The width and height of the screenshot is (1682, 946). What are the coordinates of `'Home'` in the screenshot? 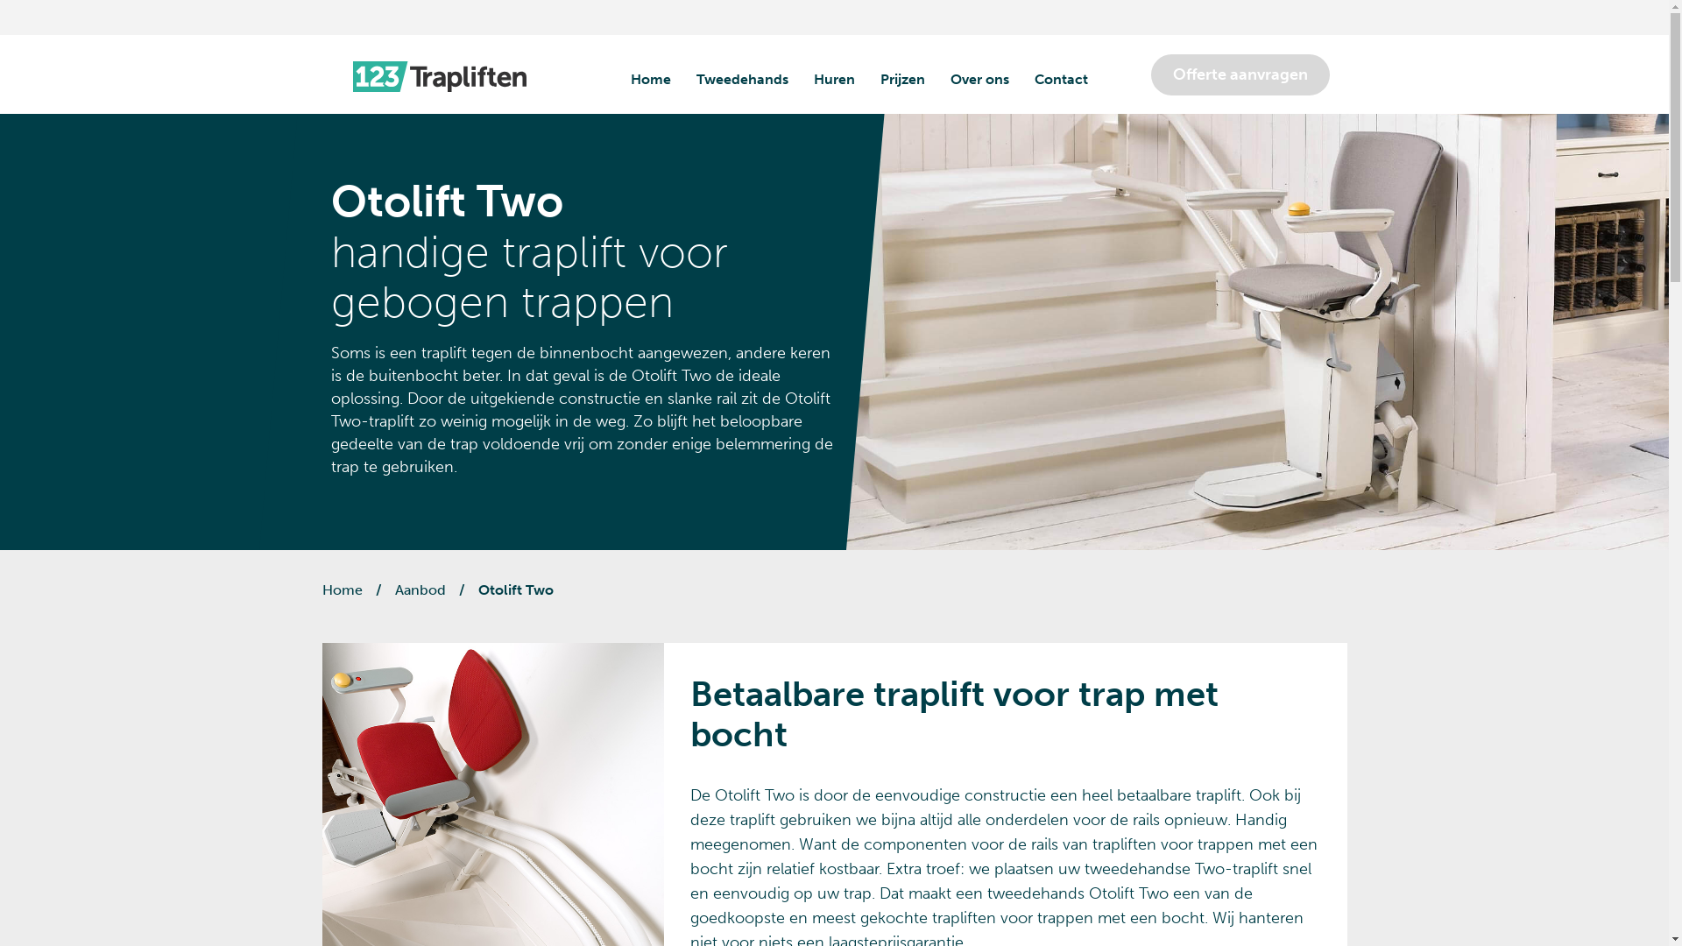 It's located at (650, 80).